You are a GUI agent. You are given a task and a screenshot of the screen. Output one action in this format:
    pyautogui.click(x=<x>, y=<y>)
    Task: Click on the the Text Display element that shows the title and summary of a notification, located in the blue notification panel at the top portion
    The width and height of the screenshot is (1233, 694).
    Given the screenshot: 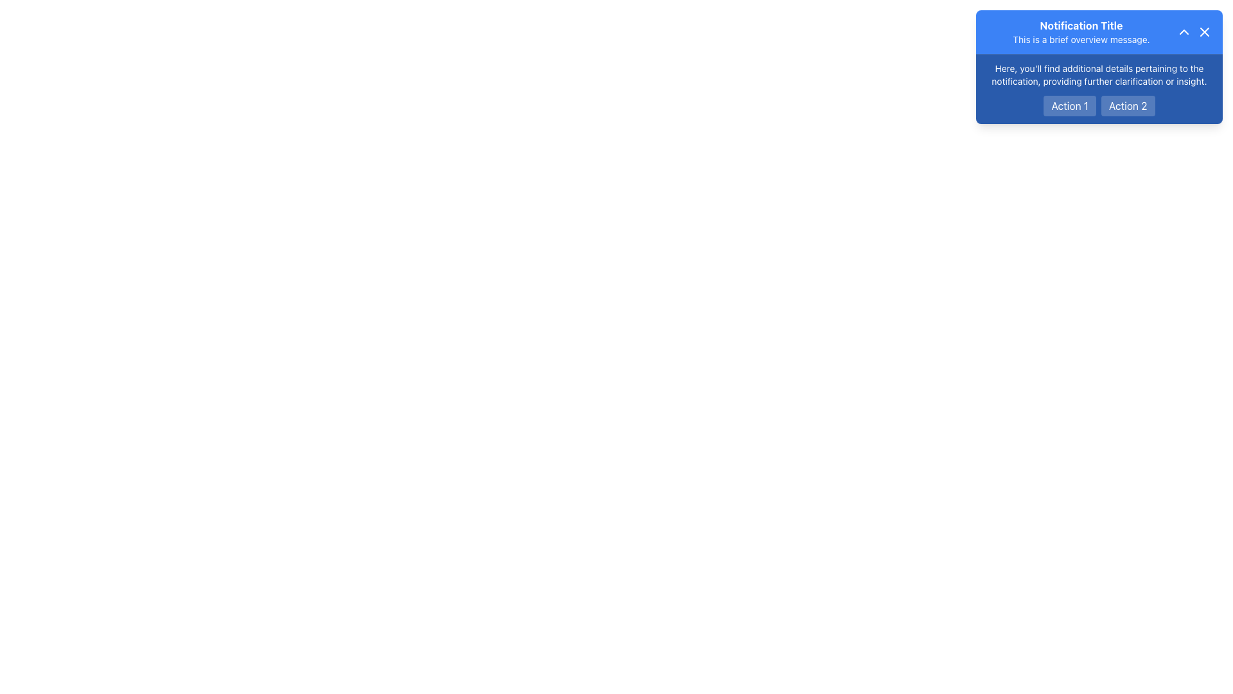 What is the action you would take?
    pyautogui.click(x=1081, y=31)
    